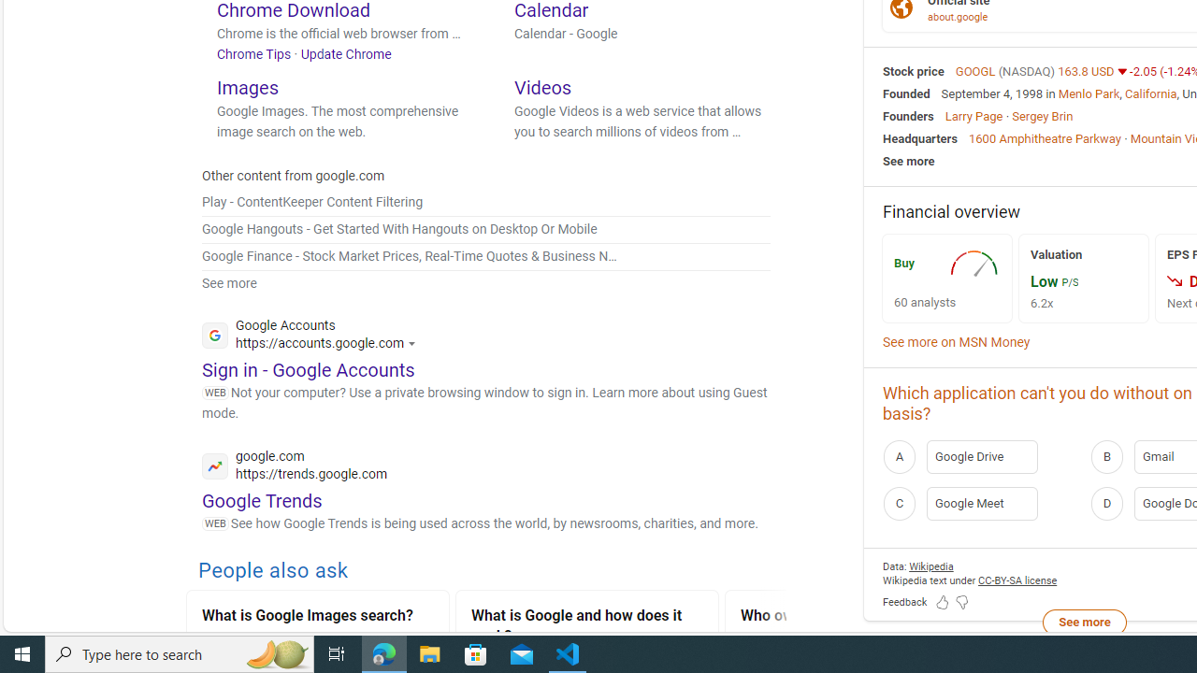  I want to click on 'Feedback Like', so click(943, 603).